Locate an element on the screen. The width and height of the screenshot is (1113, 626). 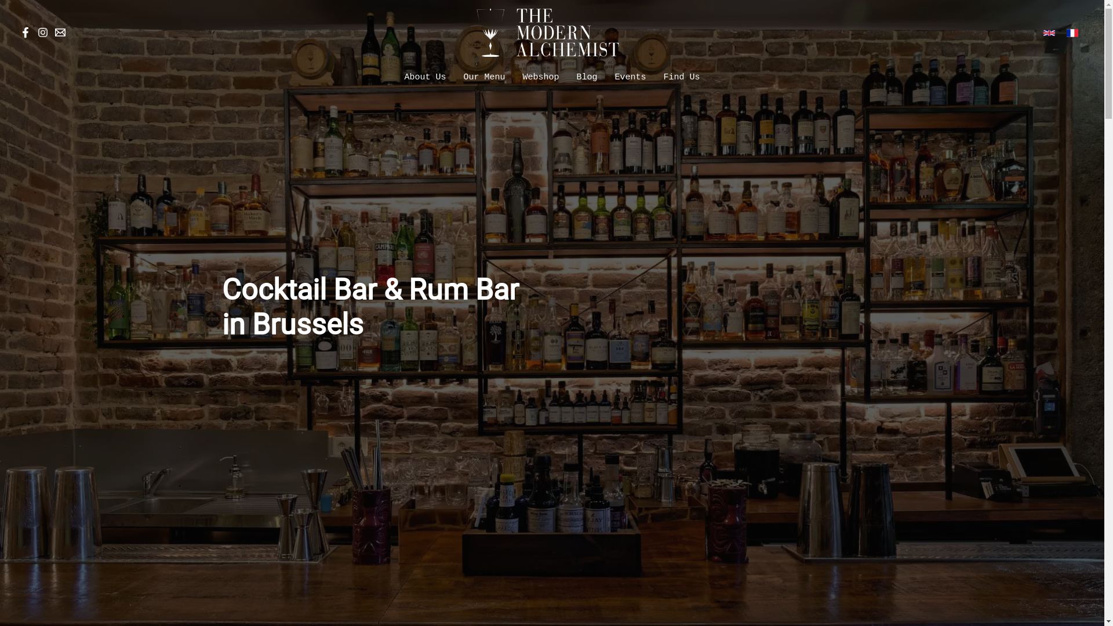
'Find Us' is located at coordinates (654, 77).